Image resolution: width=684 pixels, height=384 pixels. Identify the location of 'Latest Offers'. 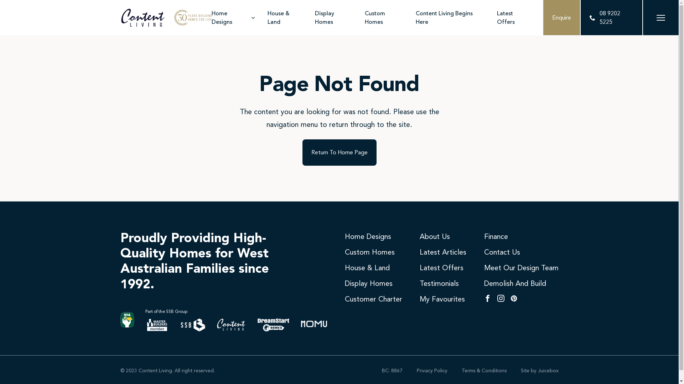
(514, 17).